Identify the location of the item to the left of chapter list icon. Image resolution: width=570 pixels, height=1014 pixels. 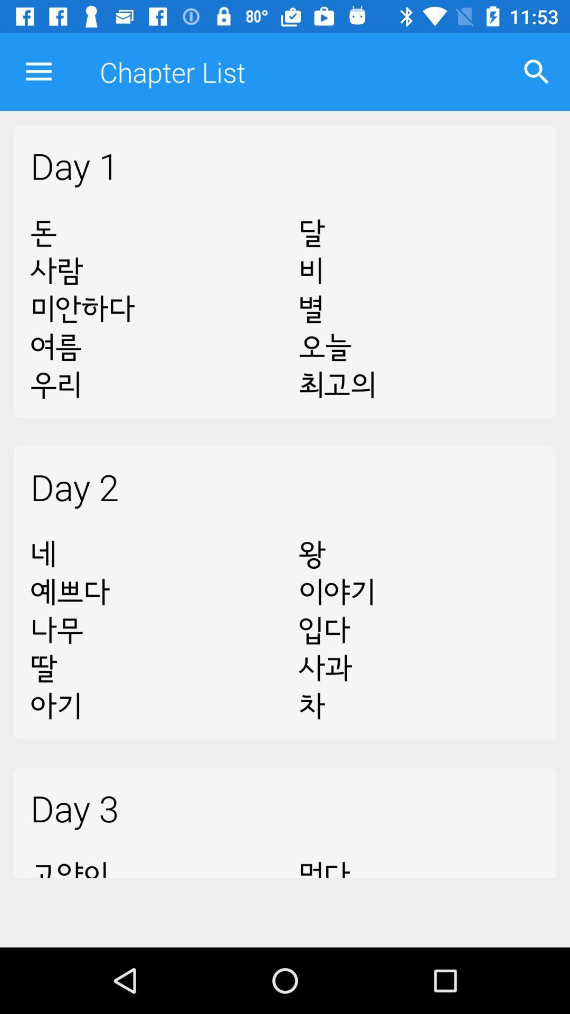
(38, 71).